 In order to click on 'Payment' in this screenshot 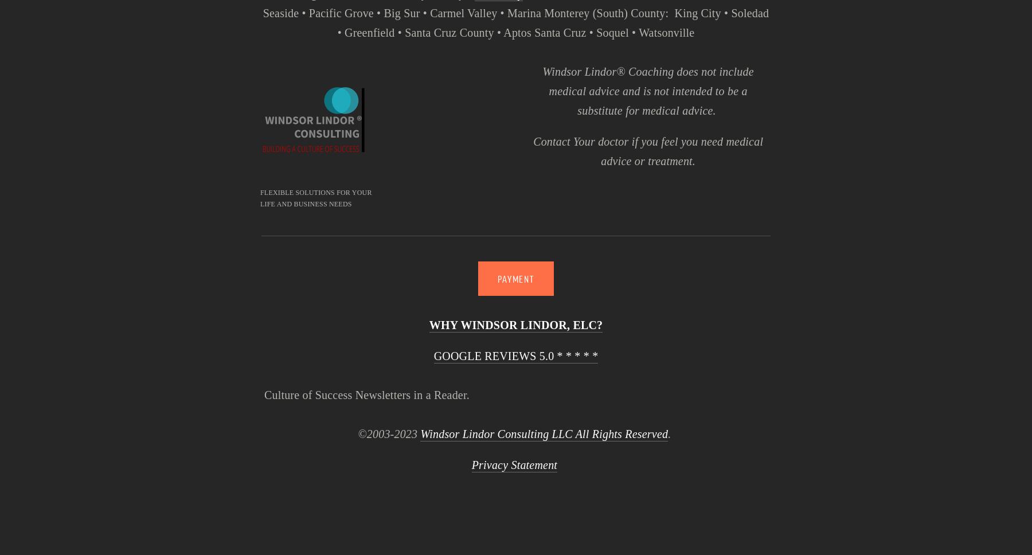, I will do `click(515, 277)`.